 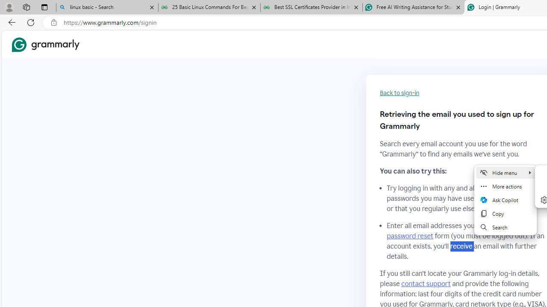 I want to click on 'Hide menu', so click(x=505, y=173).